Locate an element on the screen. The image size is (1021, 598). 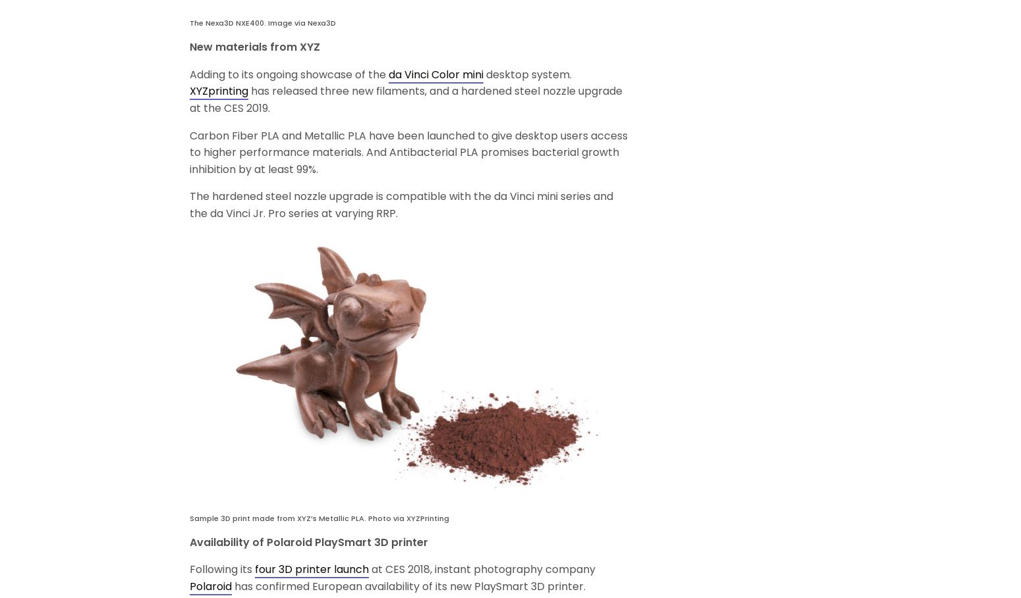
'Adding to its ongoing showcase of the' is located at coordinates (289, 74).